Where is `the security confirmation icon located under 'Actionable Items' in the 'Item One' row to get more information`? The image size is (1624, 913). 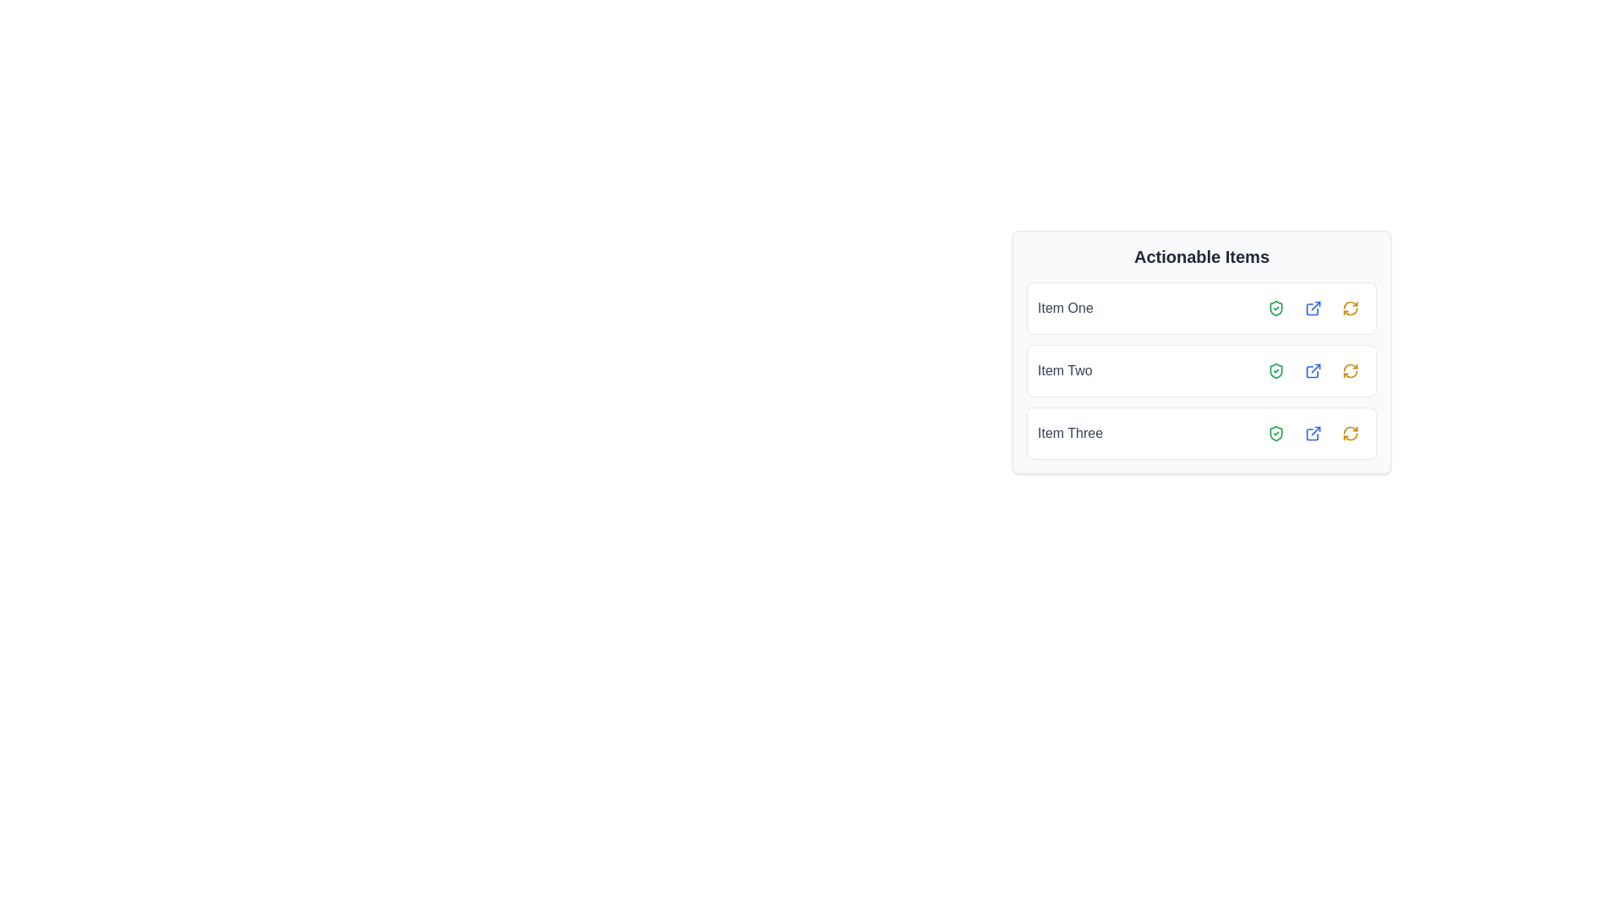
the security confirmation icon located under 'Actionable Items' in the 'Item One' row to get more information is located at coordinates (1276, 309).